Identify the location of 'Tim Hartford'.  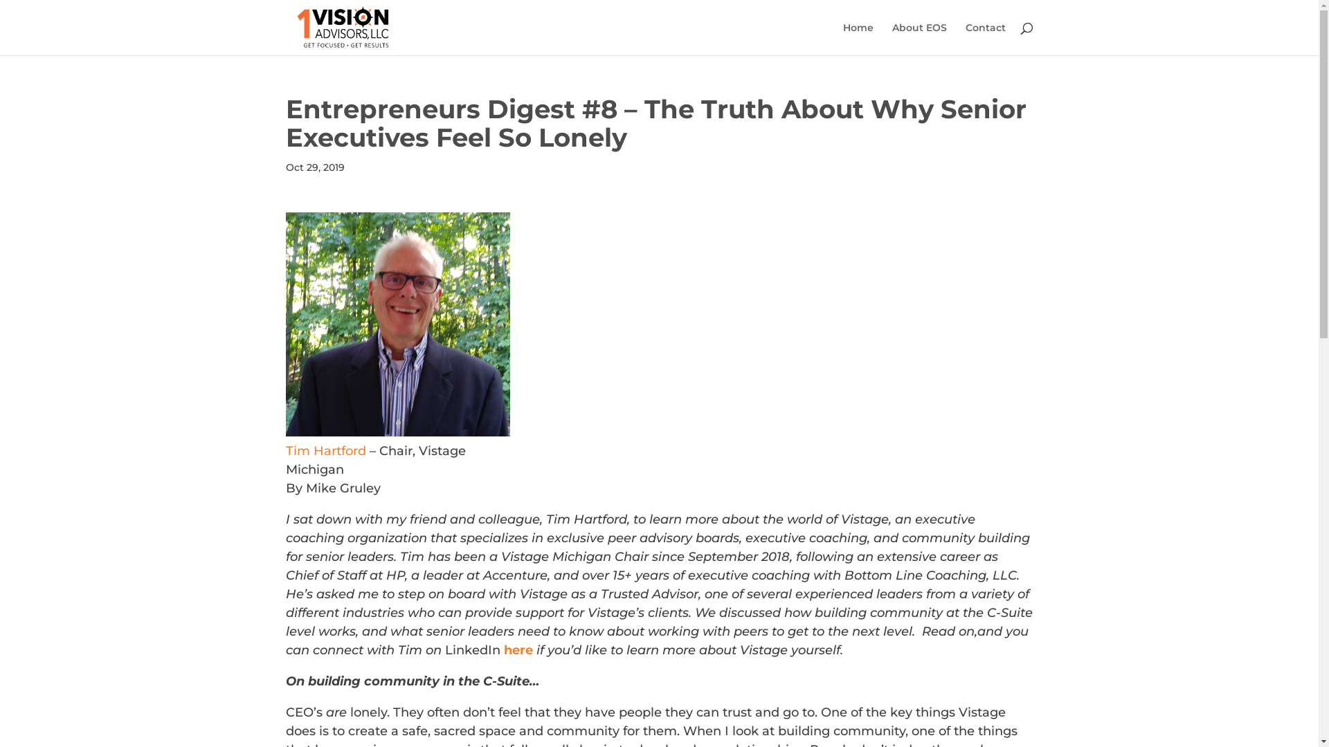
(325, 450).